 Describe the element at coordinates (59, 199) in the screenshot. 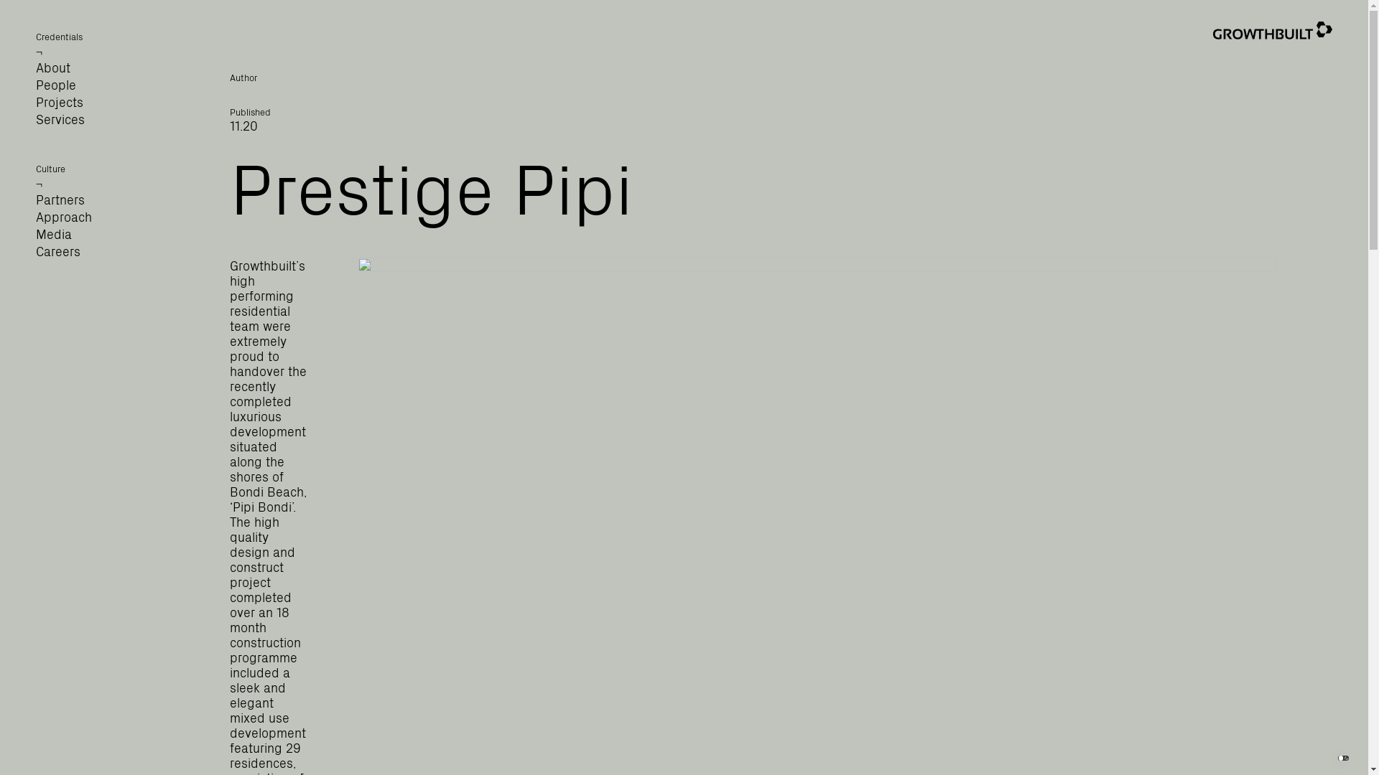

I see `'Partners'` at that location.